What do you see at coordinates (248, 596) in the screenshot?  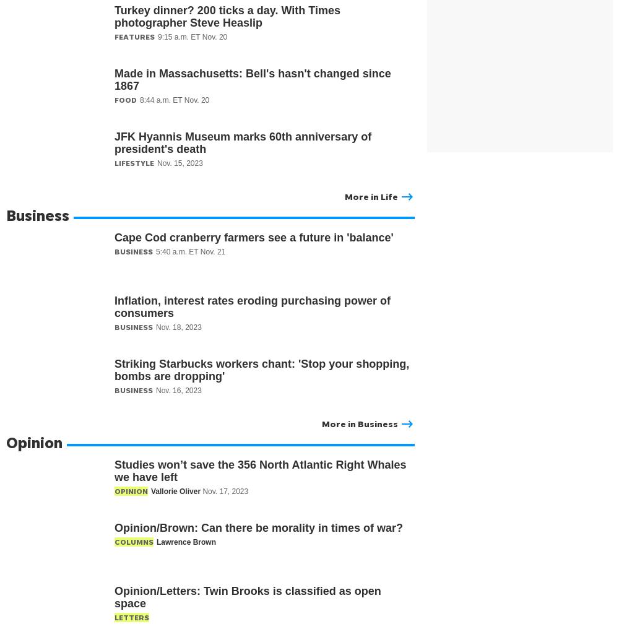 I see `'Opinion/Letters: Twin Brooks is classified as open space'` at bounding box center [248, 596].